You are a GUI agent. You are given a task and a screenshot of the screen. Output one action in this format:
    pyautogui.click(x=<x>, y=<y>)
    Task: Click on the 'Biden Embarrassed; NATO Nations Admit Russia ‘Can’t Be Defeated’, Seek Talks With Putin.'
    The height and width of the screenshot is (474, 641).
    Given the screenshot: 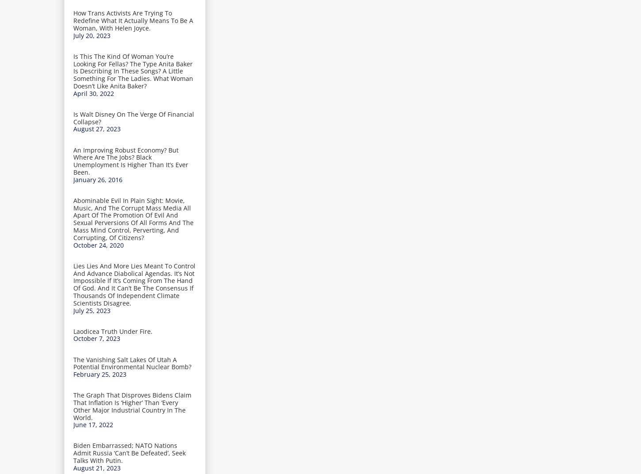 What is the action you would take?
    pyautogui.click(x=130, y=453)
    